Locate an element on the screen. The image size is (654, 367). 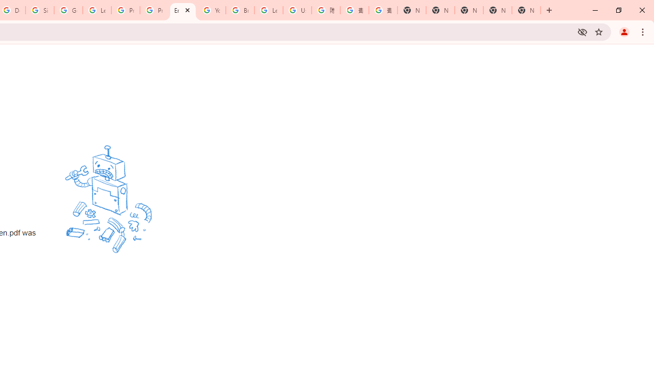
'Sign in - Google Accounts' is located at coordinates (40, 10).